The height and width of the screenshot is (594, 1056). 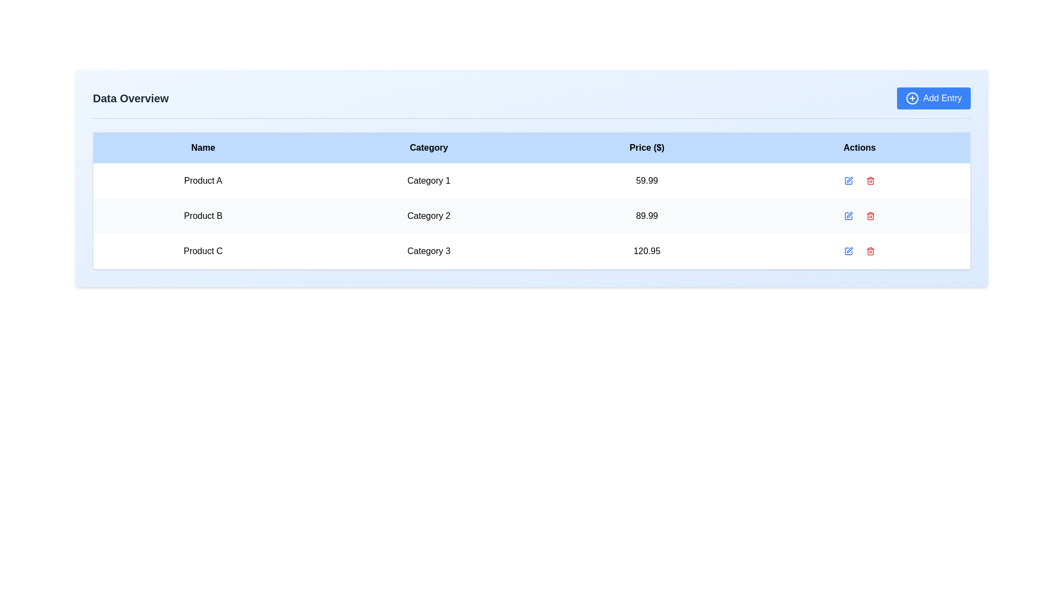 What do you see at coordinates (859, 147) in the screenshot?
I see `the Table Header Cell (th) that serves as the header for the 'Actions' column in the 'Data Overview' section, located to the right of the 'Price ($)' header` at bounding box center [859, 147].